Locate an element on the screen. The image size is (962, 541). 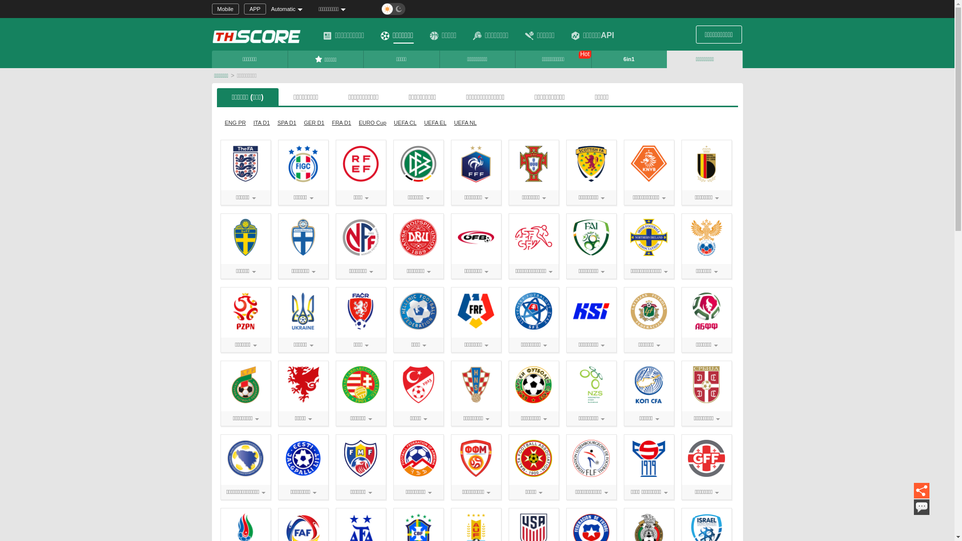
'SPA D1' is located at coordinates (286, 122).